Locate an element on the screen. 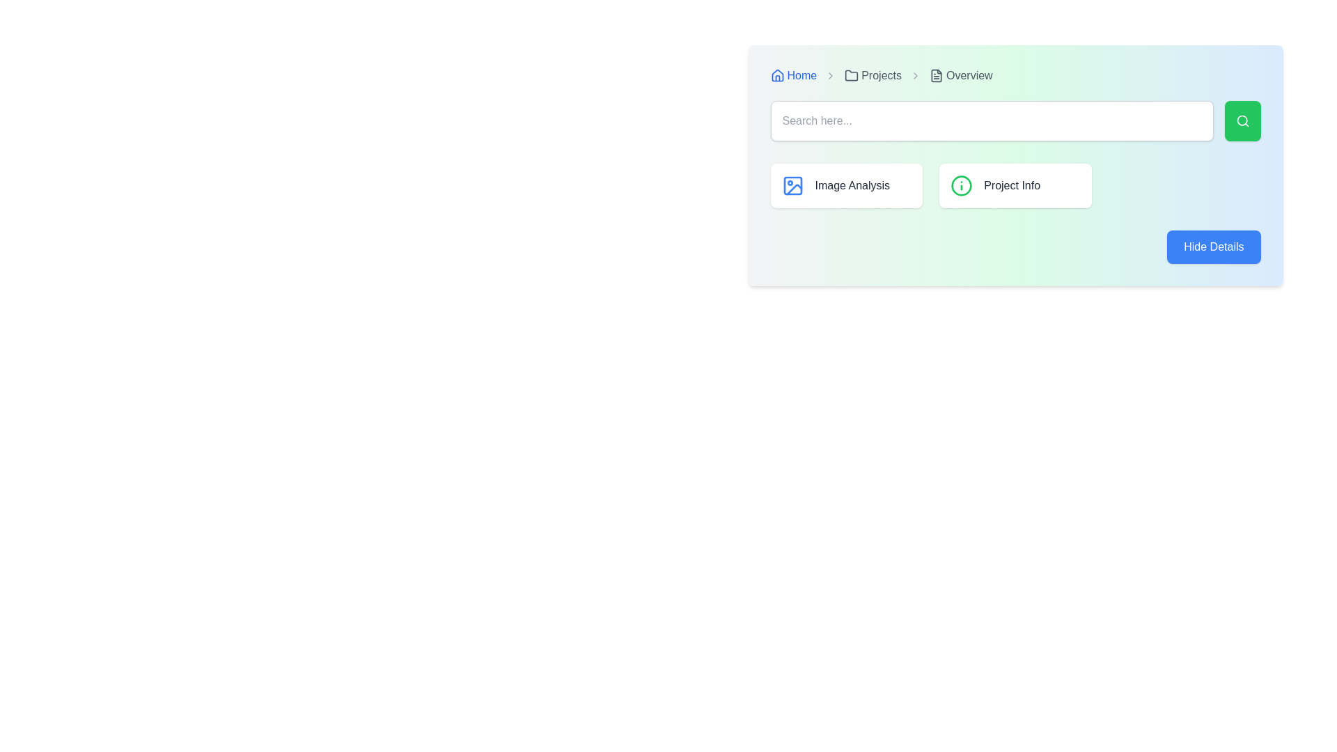 The height and width of the screenshot is (752, 1337). the 'Projects' icon located in the breadcrumb navigation bar, positioned to the left of the text label 'Projects' is located at coordinates (851, 75).